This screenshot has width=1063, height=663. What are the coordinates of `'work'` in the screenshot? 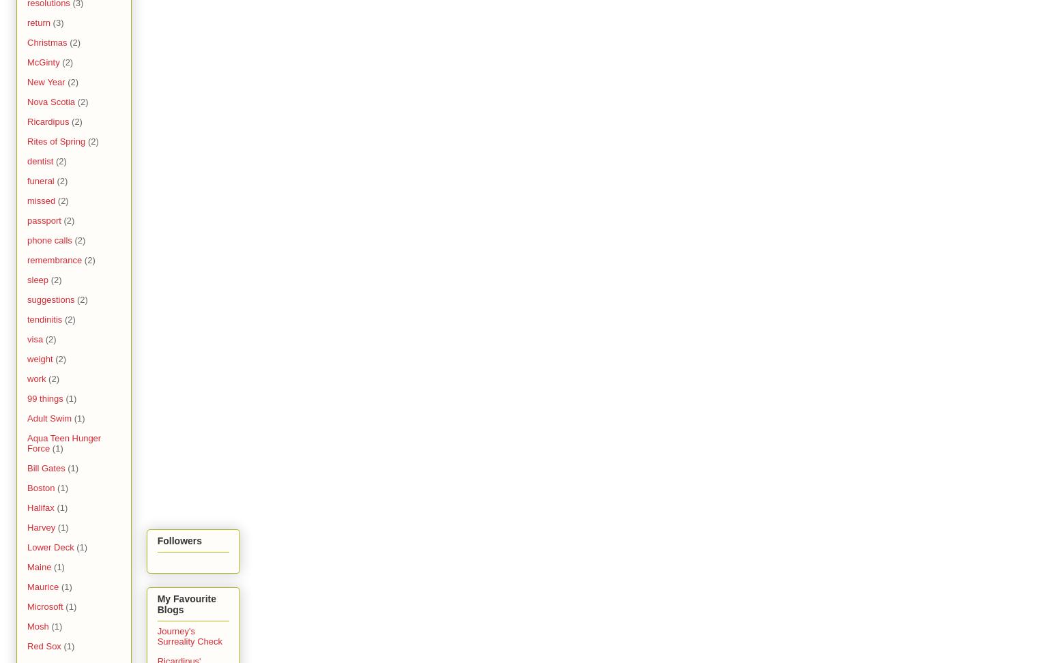 It's located at (36, 378).